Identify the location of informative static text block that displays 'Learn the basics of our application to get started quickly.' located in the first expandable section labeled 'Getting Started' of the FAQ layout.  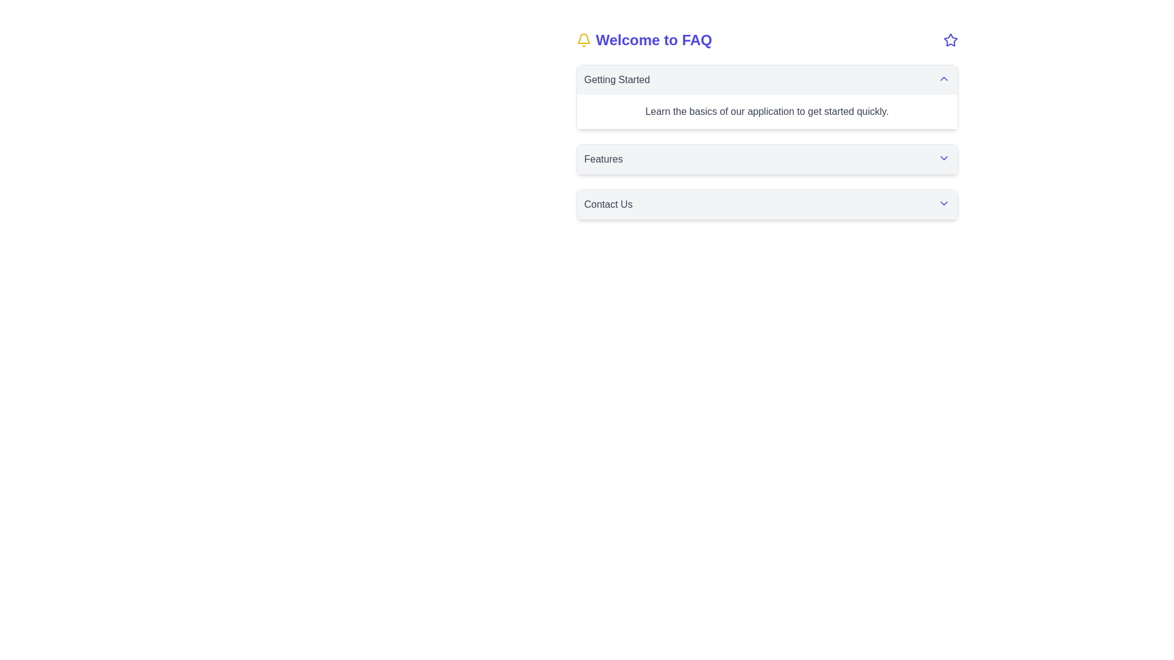
(766, 111).